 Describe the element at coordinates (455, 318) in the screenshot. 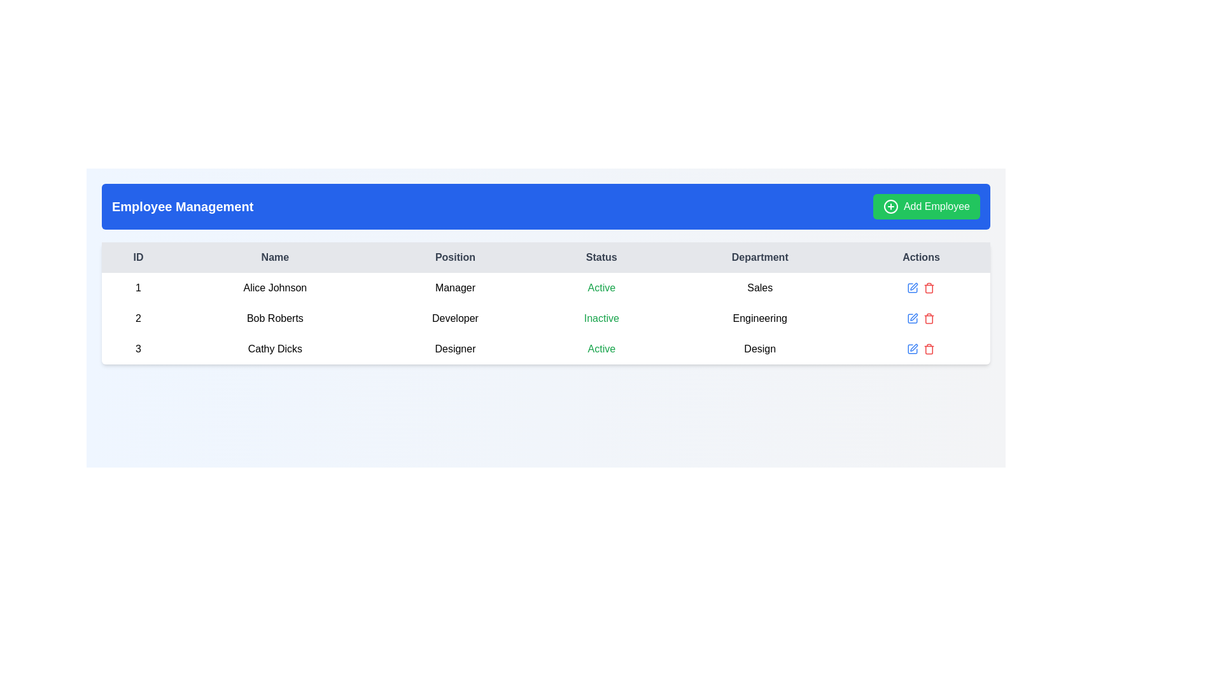

I see `the static text label displaying 'Developer' for the entry 'Bob Roberts' in the 'Position' column of the table` at that location.